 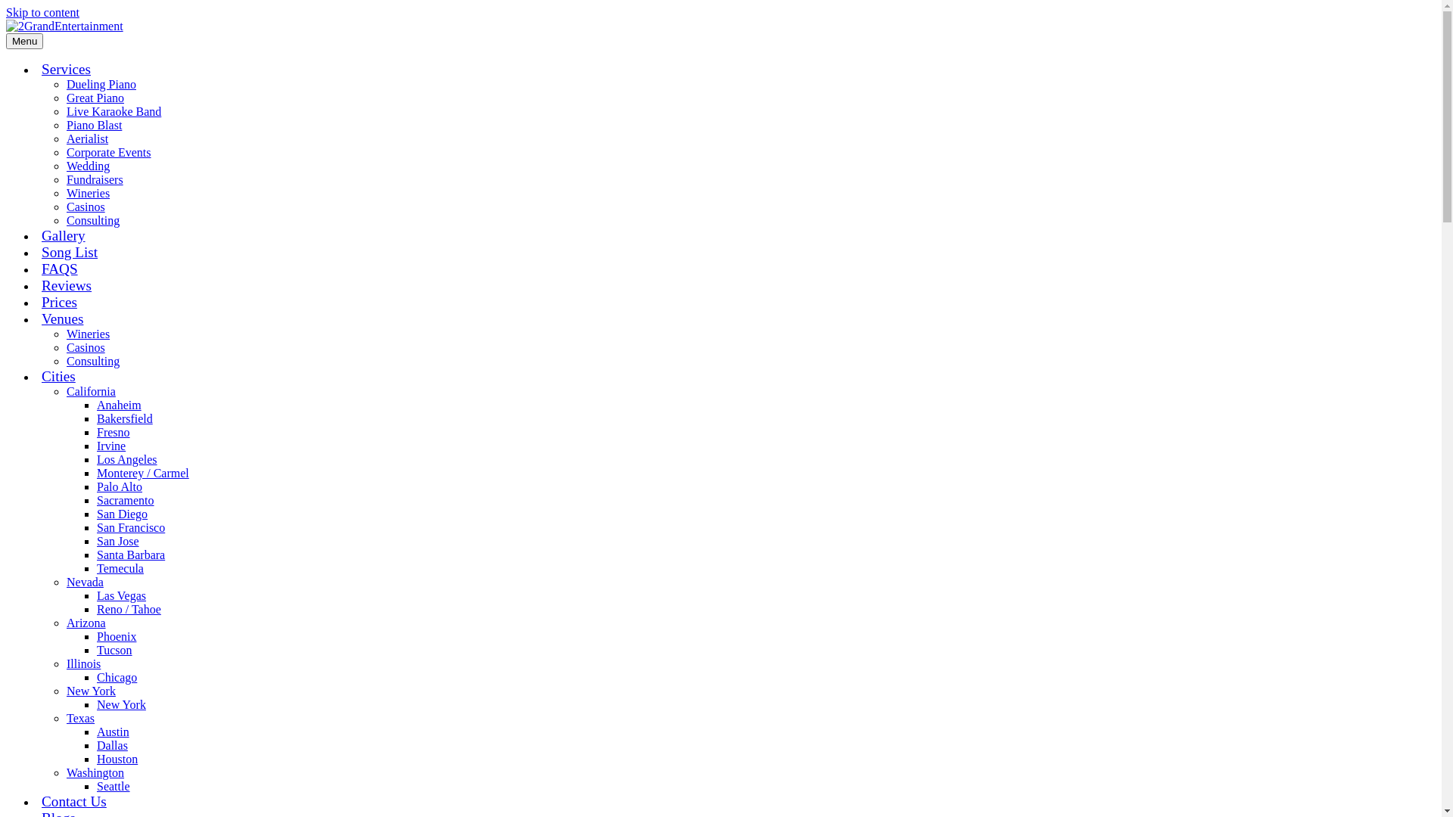 I want to click on 'Song List', so click(x=68, y=251).